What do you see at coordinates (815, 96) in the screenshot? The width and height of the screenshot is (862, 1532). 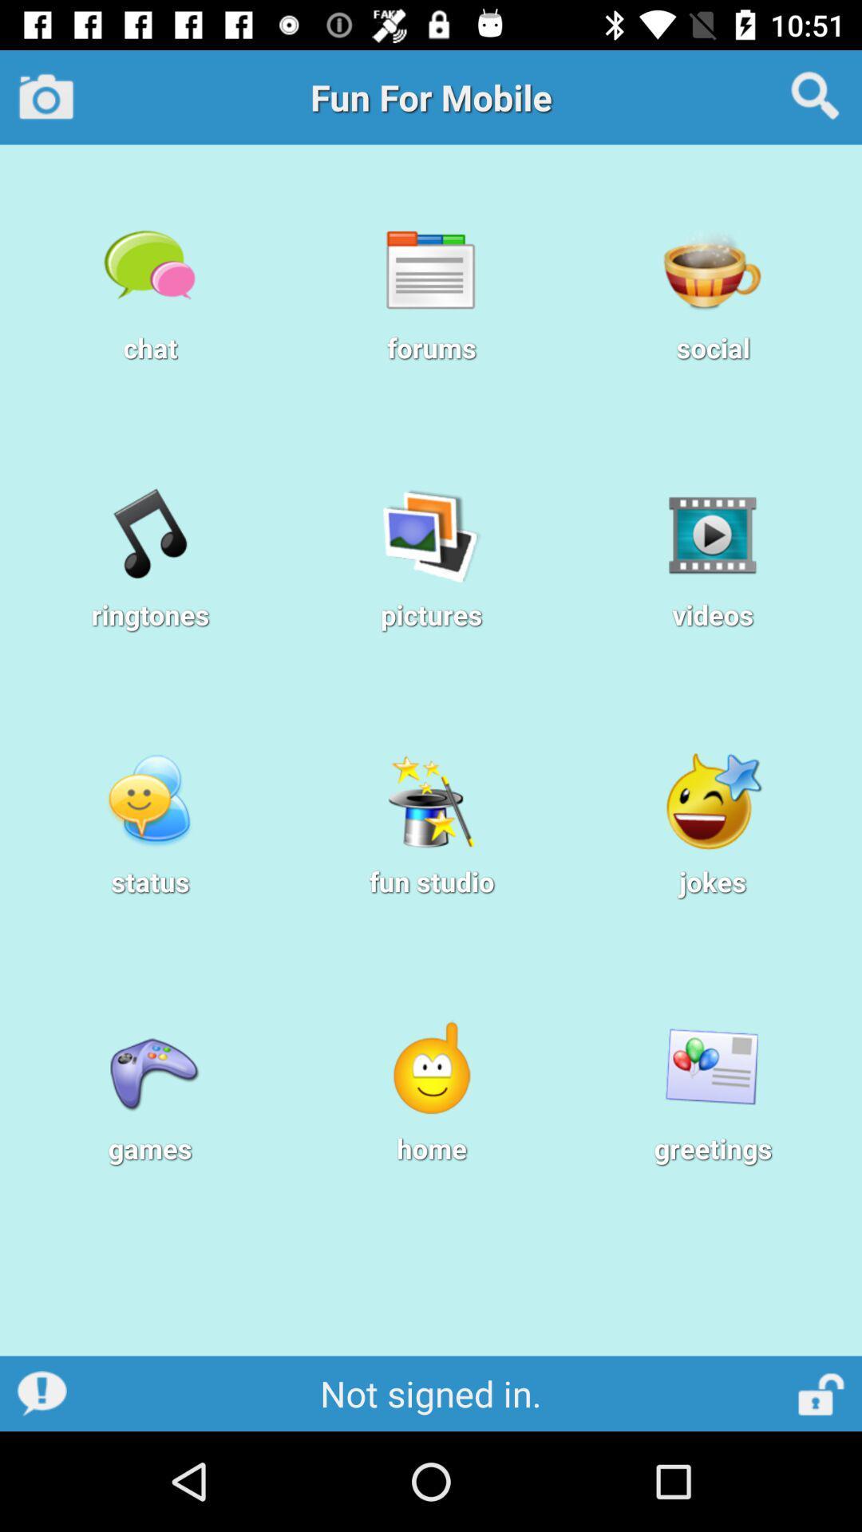 I see `search` at bounding box center [815, 96].